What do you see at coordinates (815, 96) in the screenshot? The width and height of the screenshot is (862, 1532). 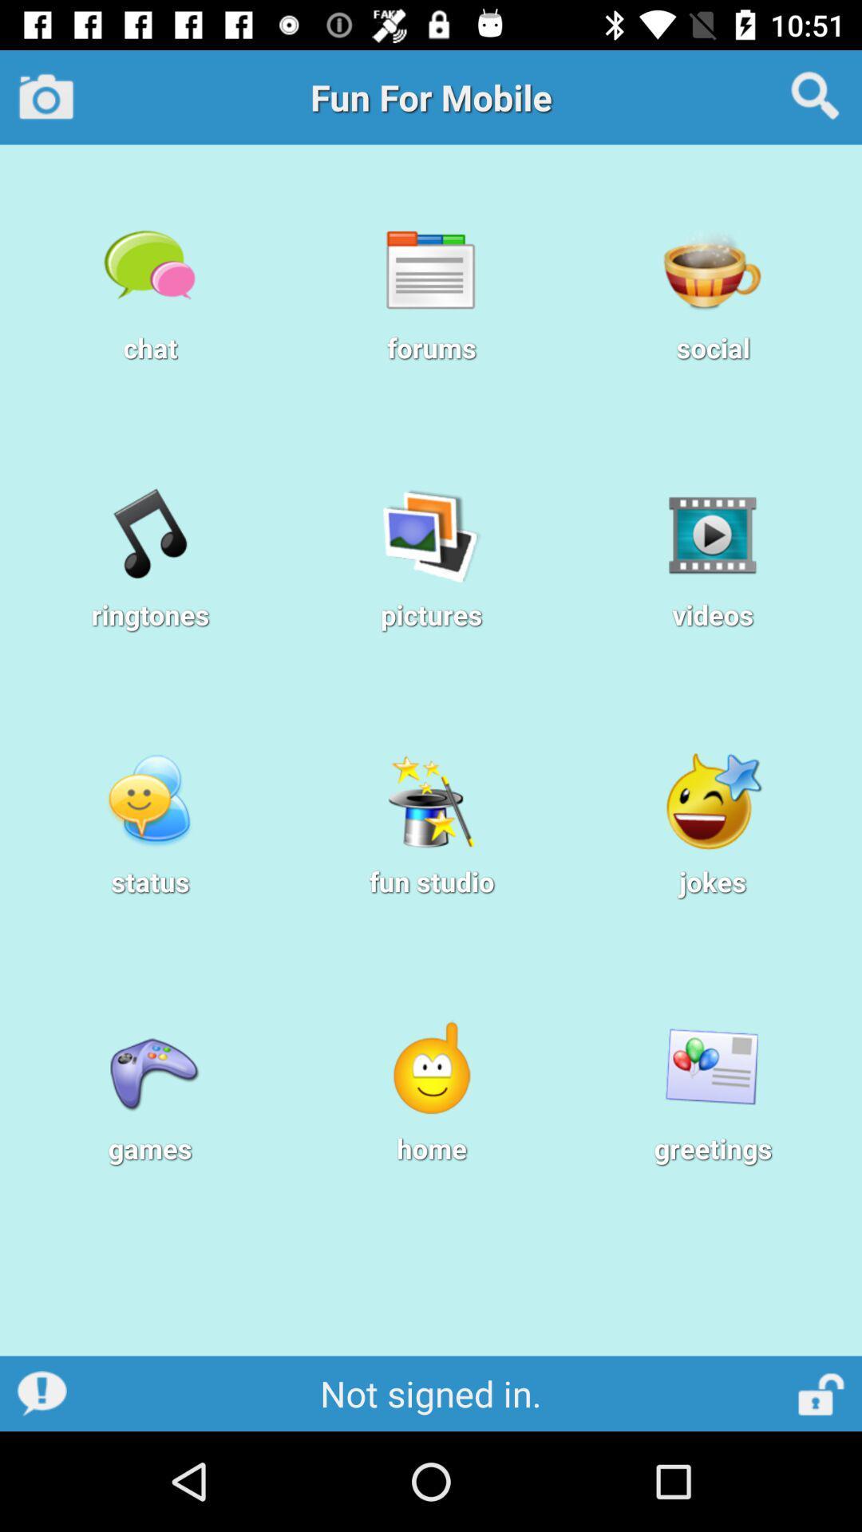 I see `search` at bounding box center [815, 96].